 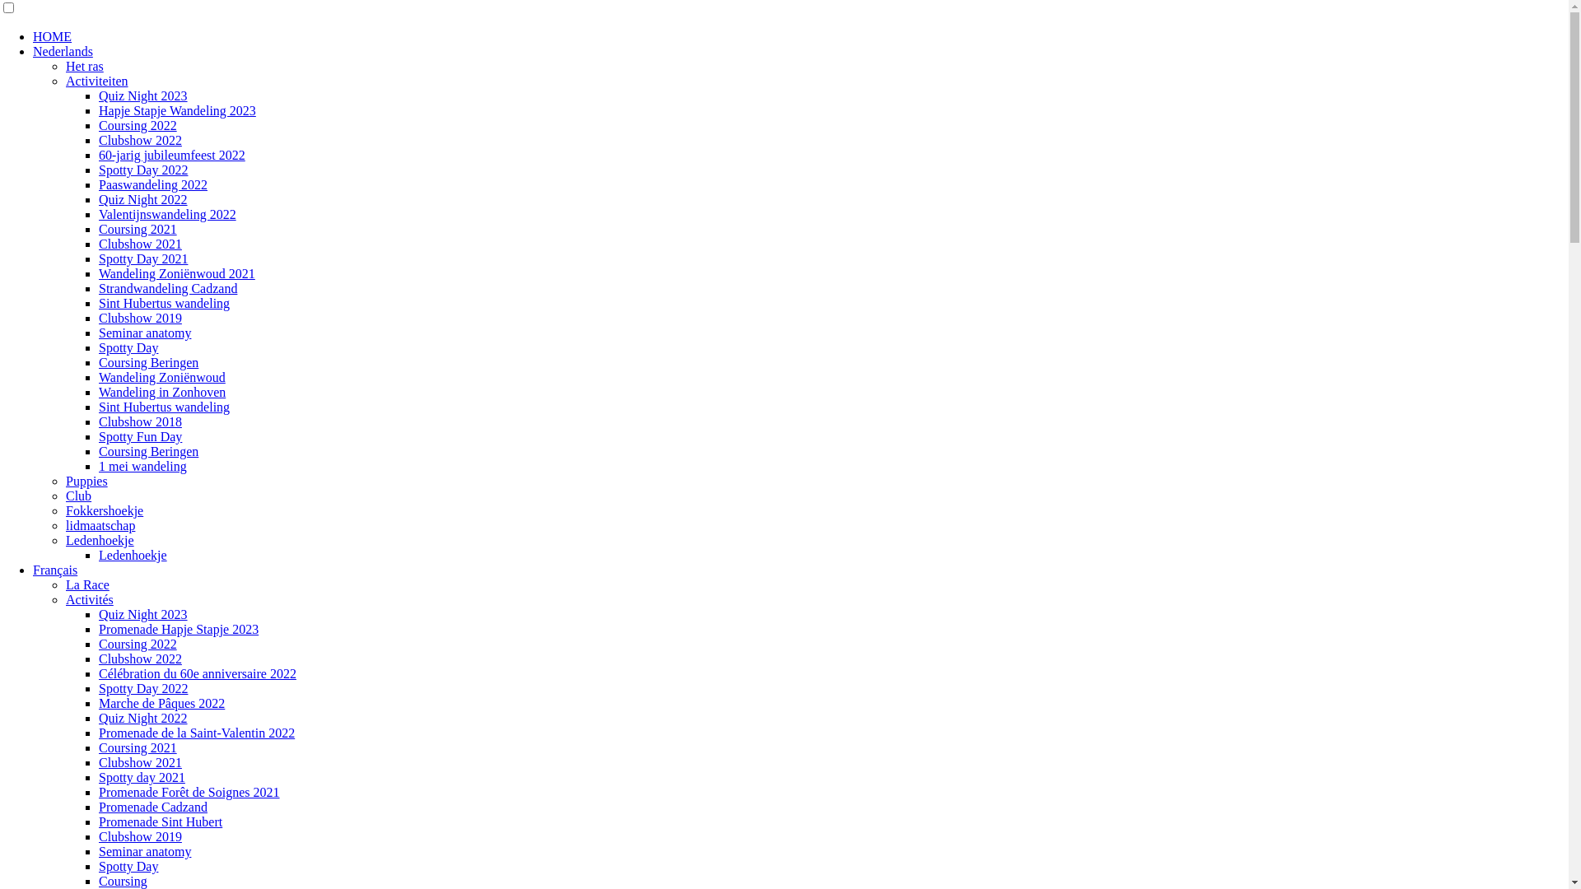 What do you see at coordinates (83, 65) in the screenshot?
I see `'Het ras'` at bounding box center [83, 65].